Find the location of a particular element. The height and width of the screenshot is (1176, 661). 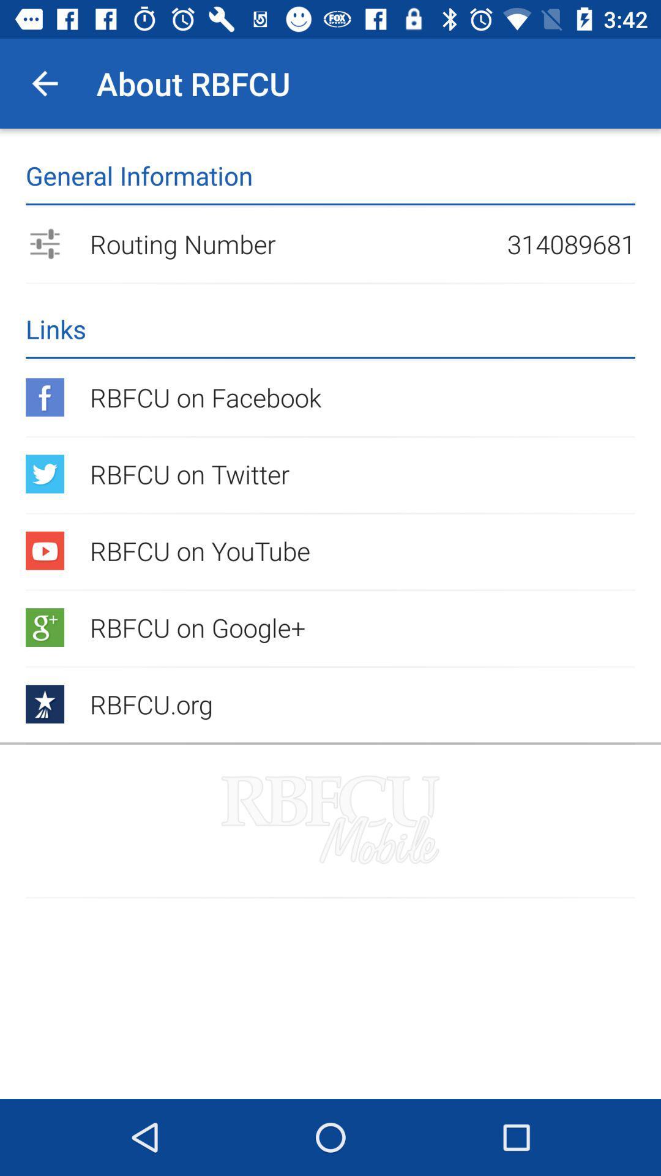

app next to about rbfcu app is located at coordinates (44, 83).